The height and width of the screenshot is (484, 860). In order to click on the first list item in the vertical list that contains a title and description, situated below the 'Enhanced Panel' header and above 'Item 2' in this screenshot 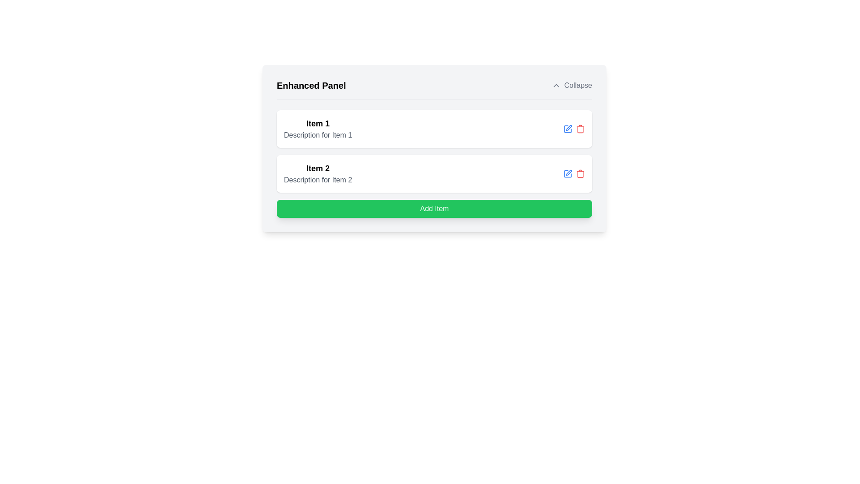, I will do `click(318, 129)`.